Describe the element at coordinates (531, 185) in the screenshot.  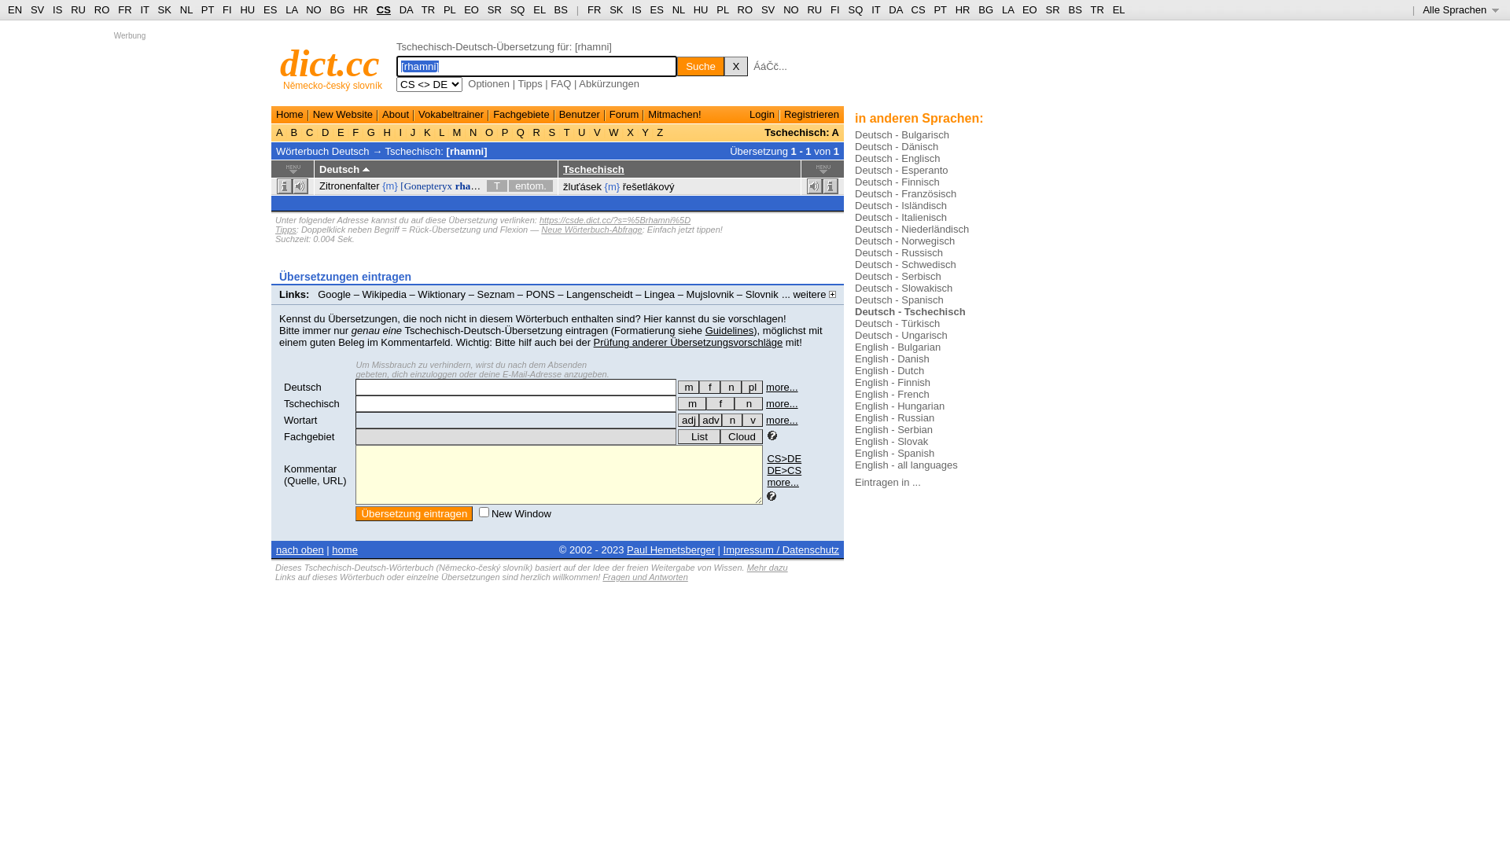
I see `'entom.'` at that location.